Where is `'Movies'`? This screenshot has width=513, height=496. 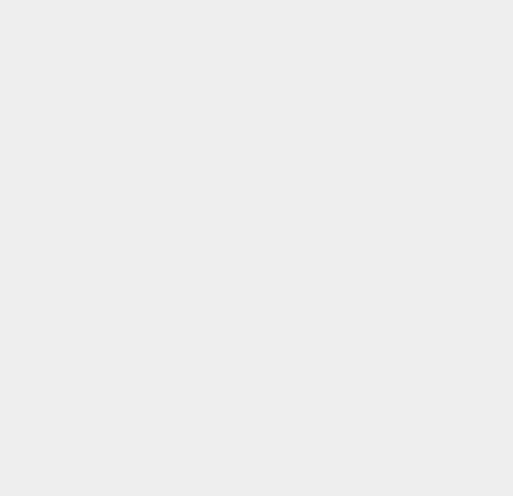 'Movies' is located at coordinates (373, 215).